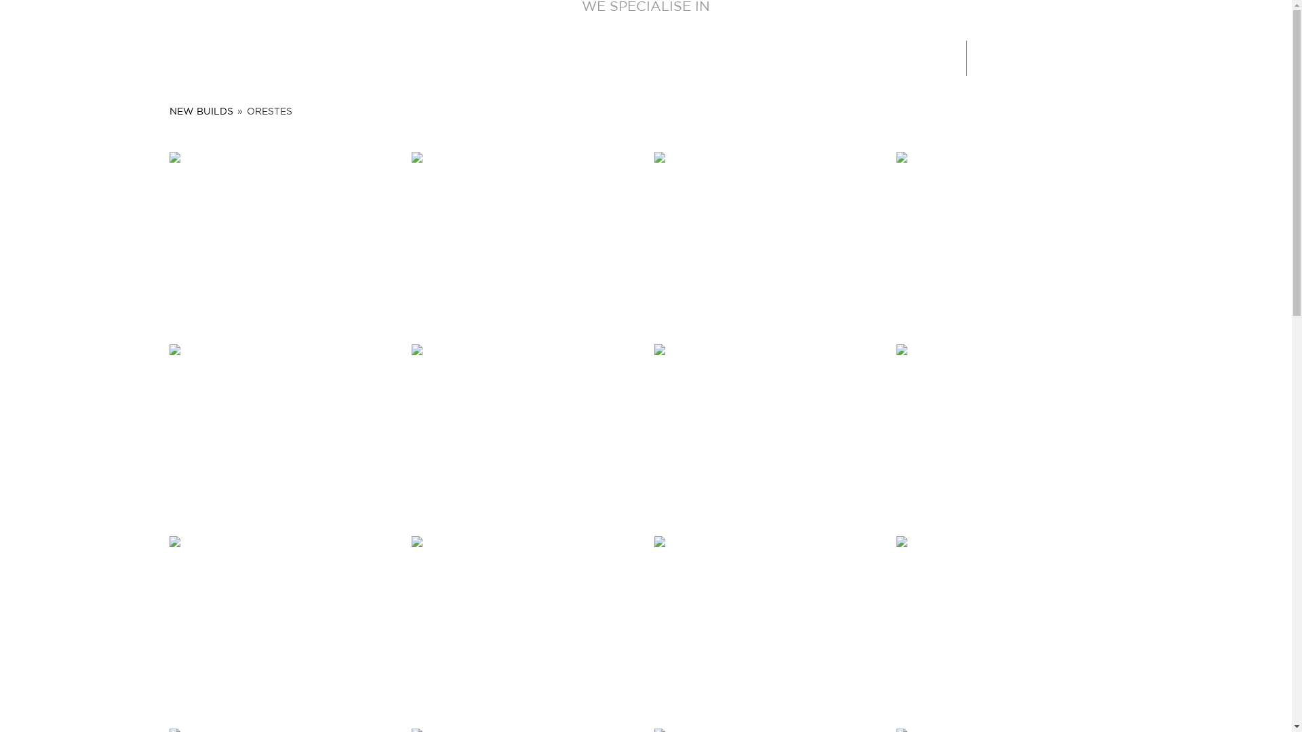  Describe the element at coordinates (718, 56) in the screenshot. I see `'MEDIA'` at that location.